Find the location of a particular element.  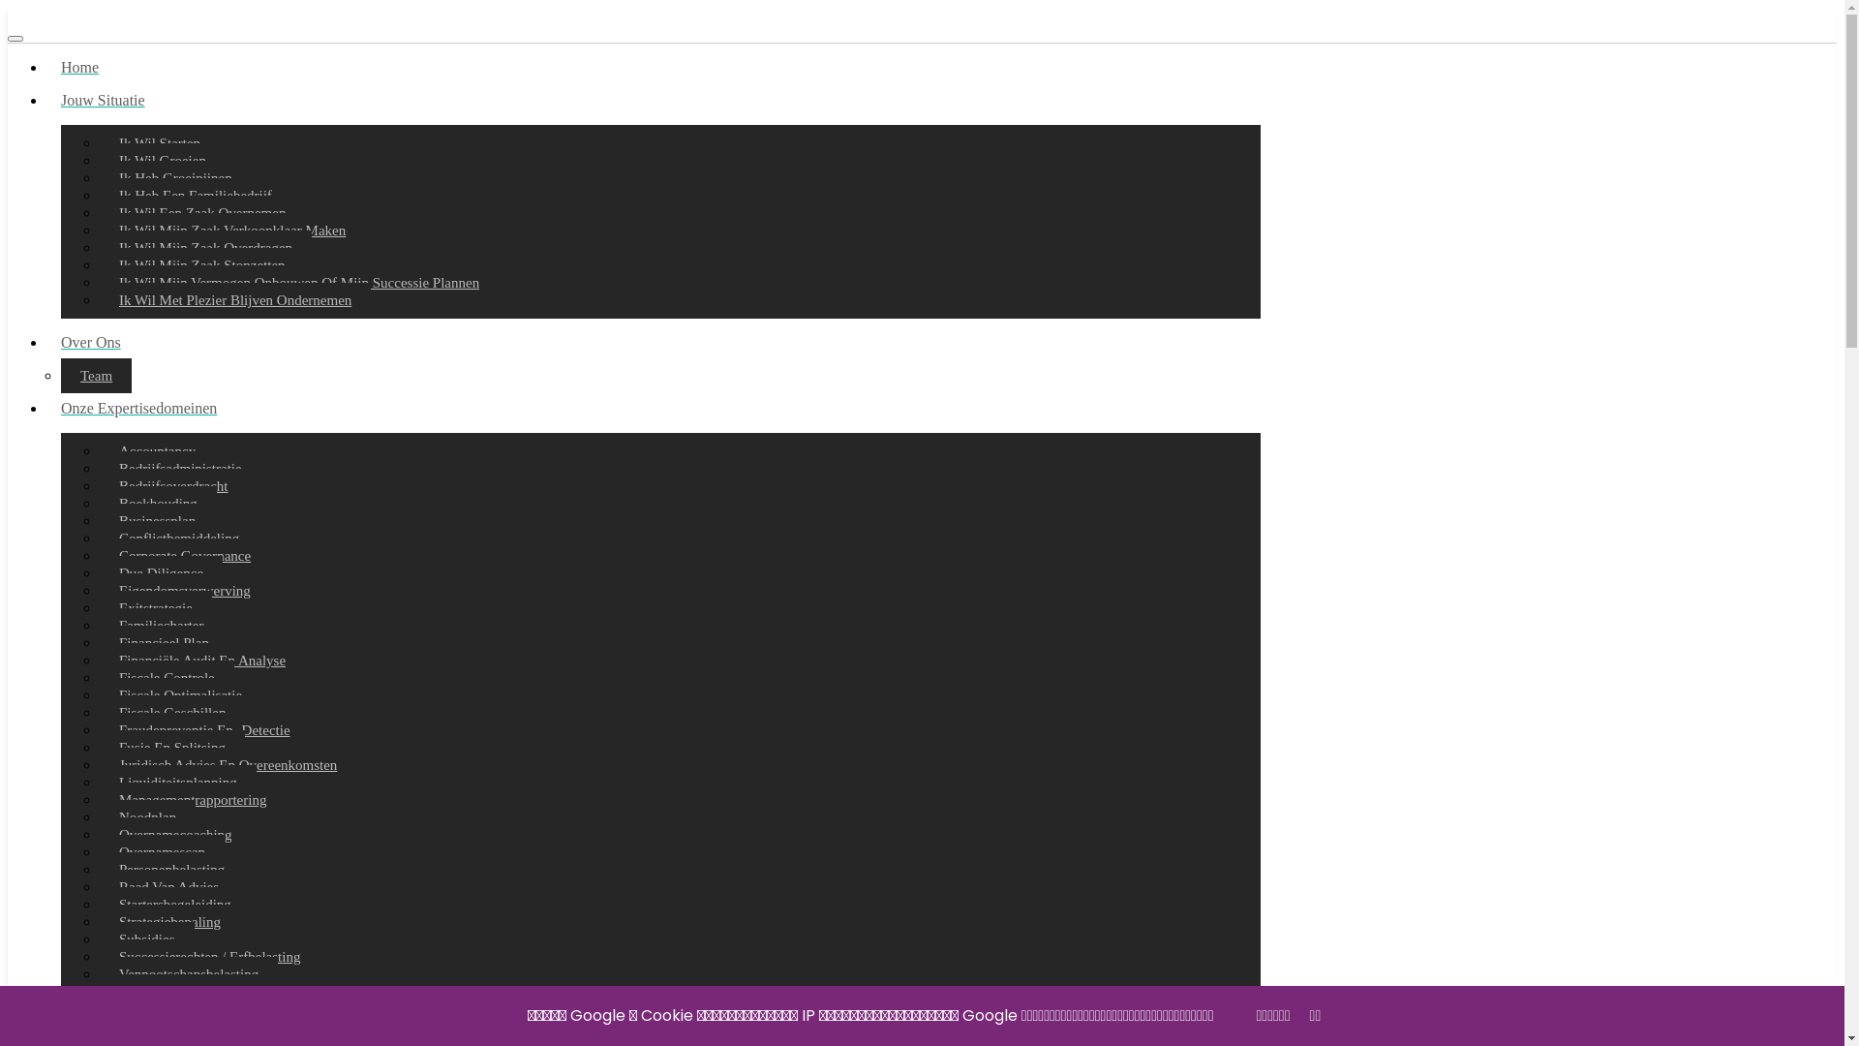

'Managementrapportering' is located at coordinates (192, 799).